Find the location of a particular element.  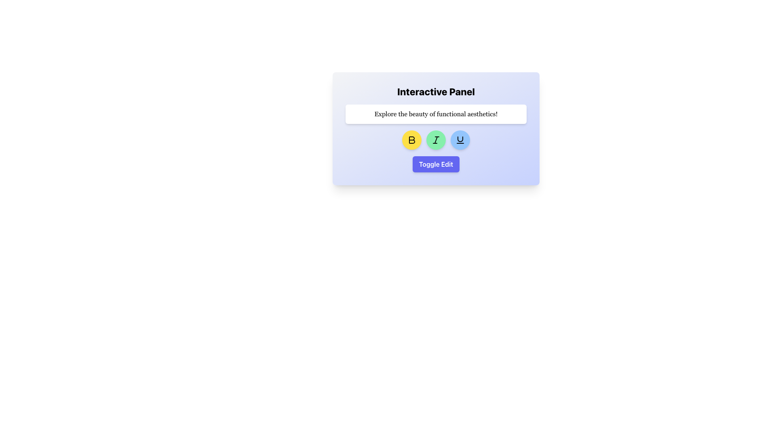

the interactive button with an italicized 'I' character displayed within a green circle to apply italic style is located at coordinates (436, 128).